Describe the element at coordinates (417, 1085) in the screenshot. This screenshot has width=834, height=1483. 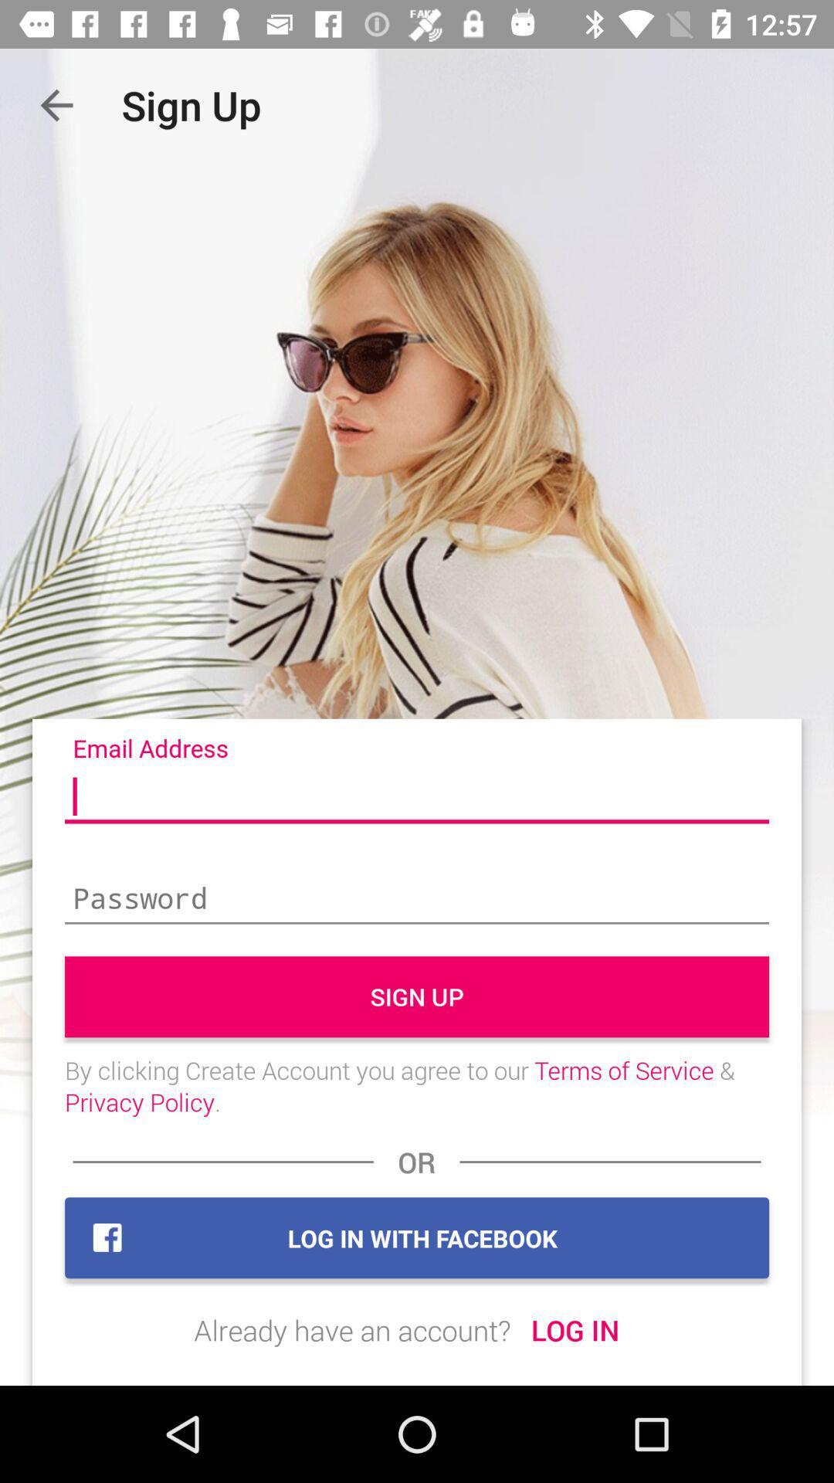
I see `the icon below sign up icon` at that location.